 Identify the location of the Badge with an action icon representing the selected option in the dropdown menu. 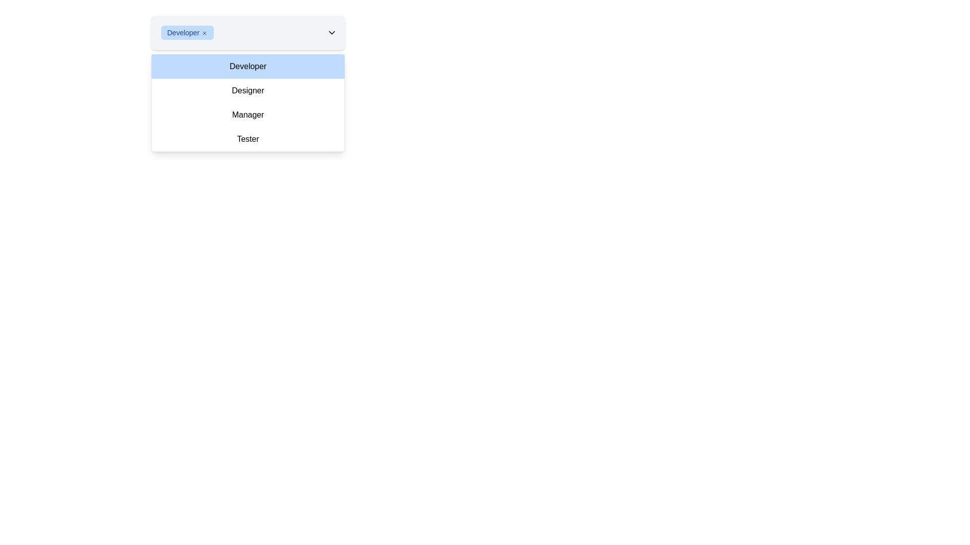
(187, 32).